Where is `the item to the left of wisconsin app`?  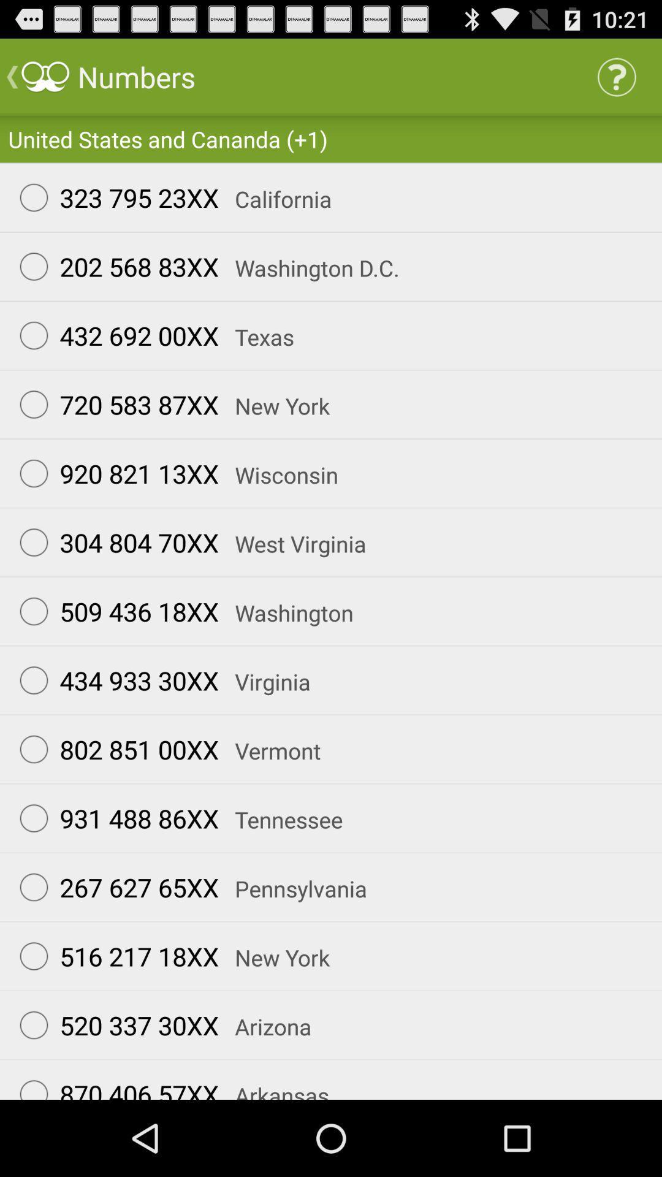 the item to the left of wisconsin app is located at coordinates (113, 473).